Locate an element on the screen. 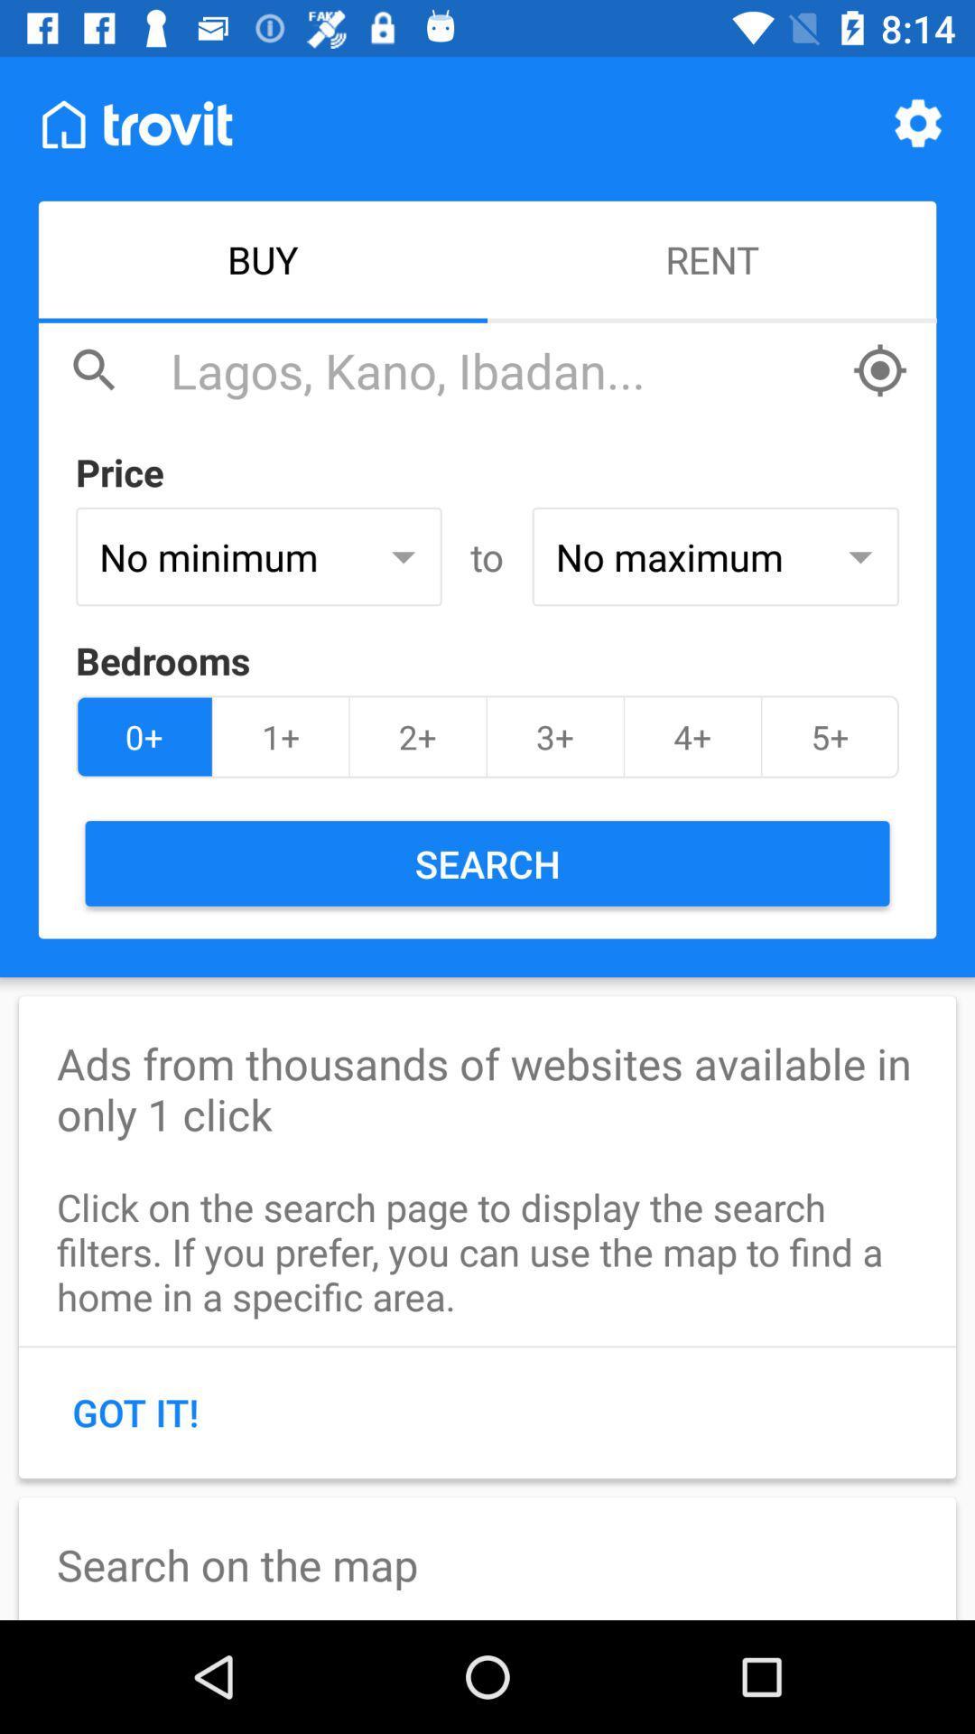 This screenshot has height=1734, width=975. item above the search icon is located at coordinates (692, 737).